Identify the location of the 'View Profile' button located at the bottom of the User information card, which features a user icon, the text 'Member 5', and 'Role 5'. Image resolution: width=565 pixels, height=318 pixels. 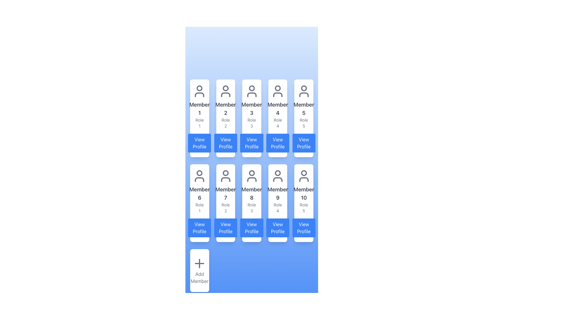
(304, 118).